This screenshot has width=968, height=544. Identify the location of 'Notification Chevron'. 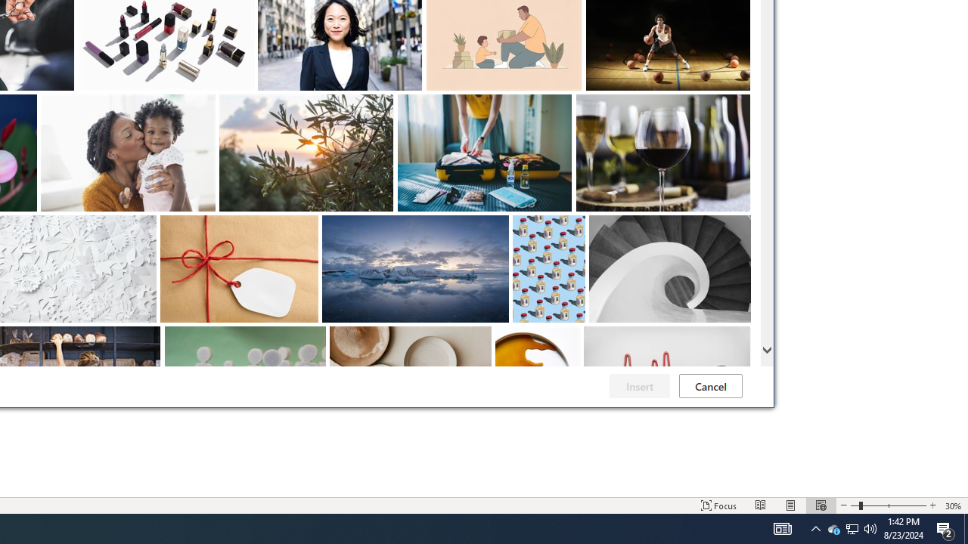
(815, 527).